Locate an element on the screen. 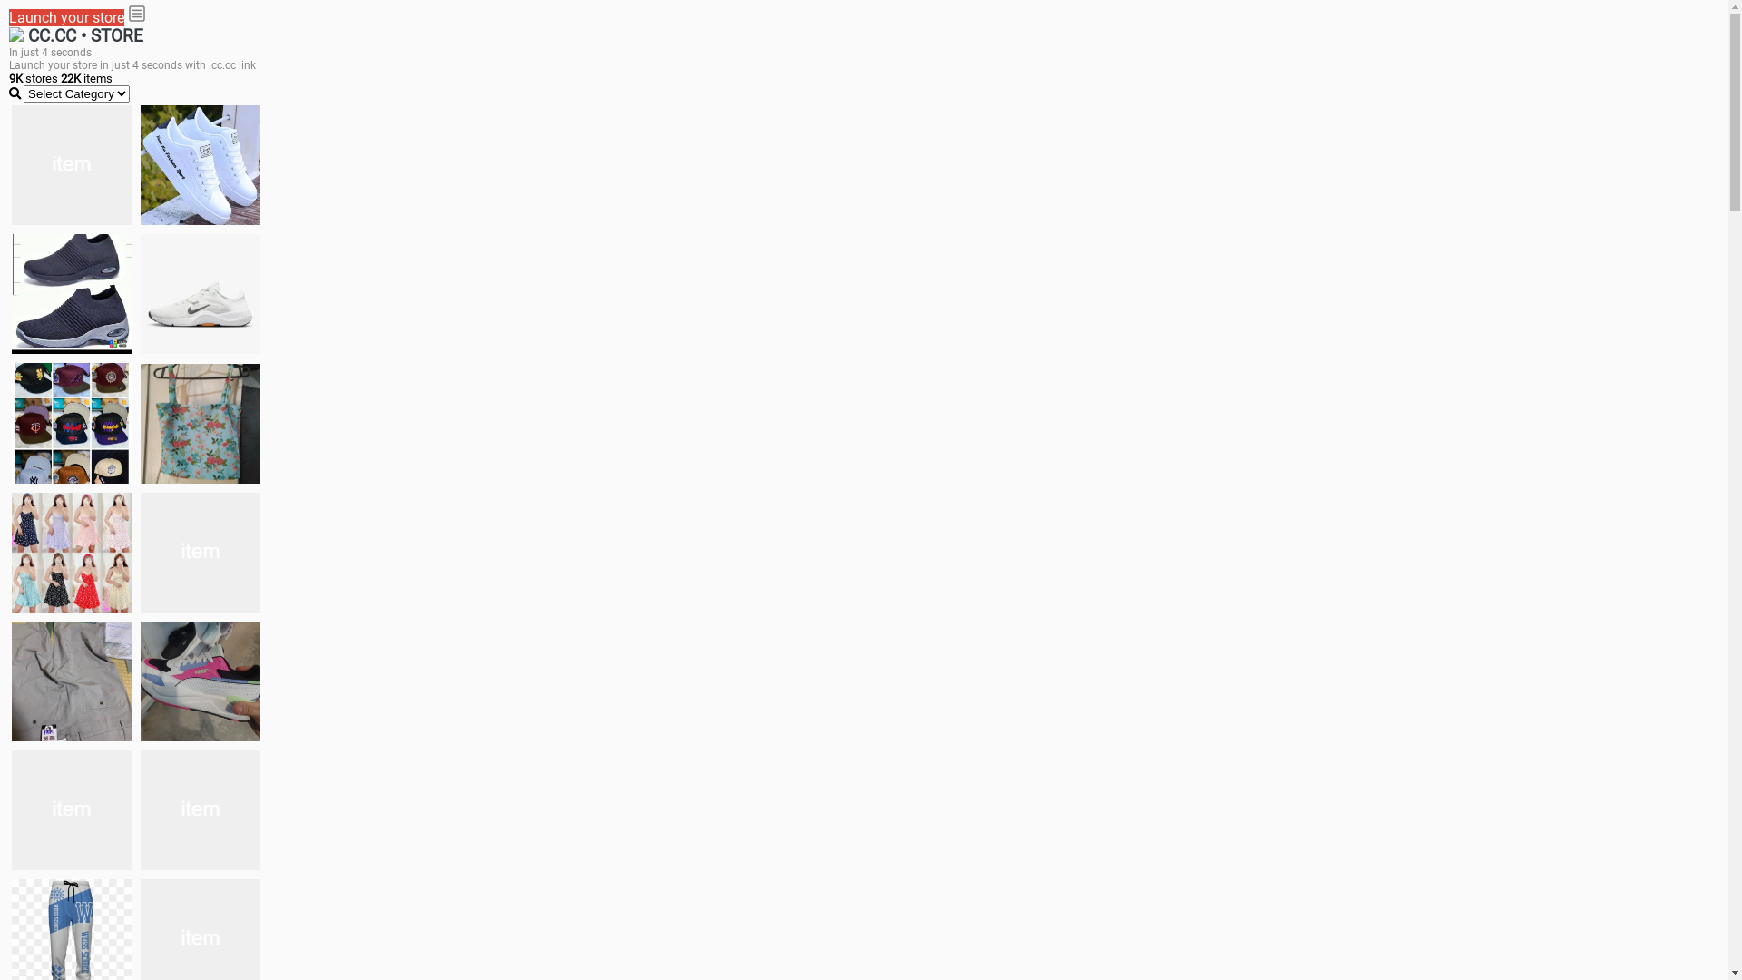  'white shoes' is located at coordinates (200, 164).